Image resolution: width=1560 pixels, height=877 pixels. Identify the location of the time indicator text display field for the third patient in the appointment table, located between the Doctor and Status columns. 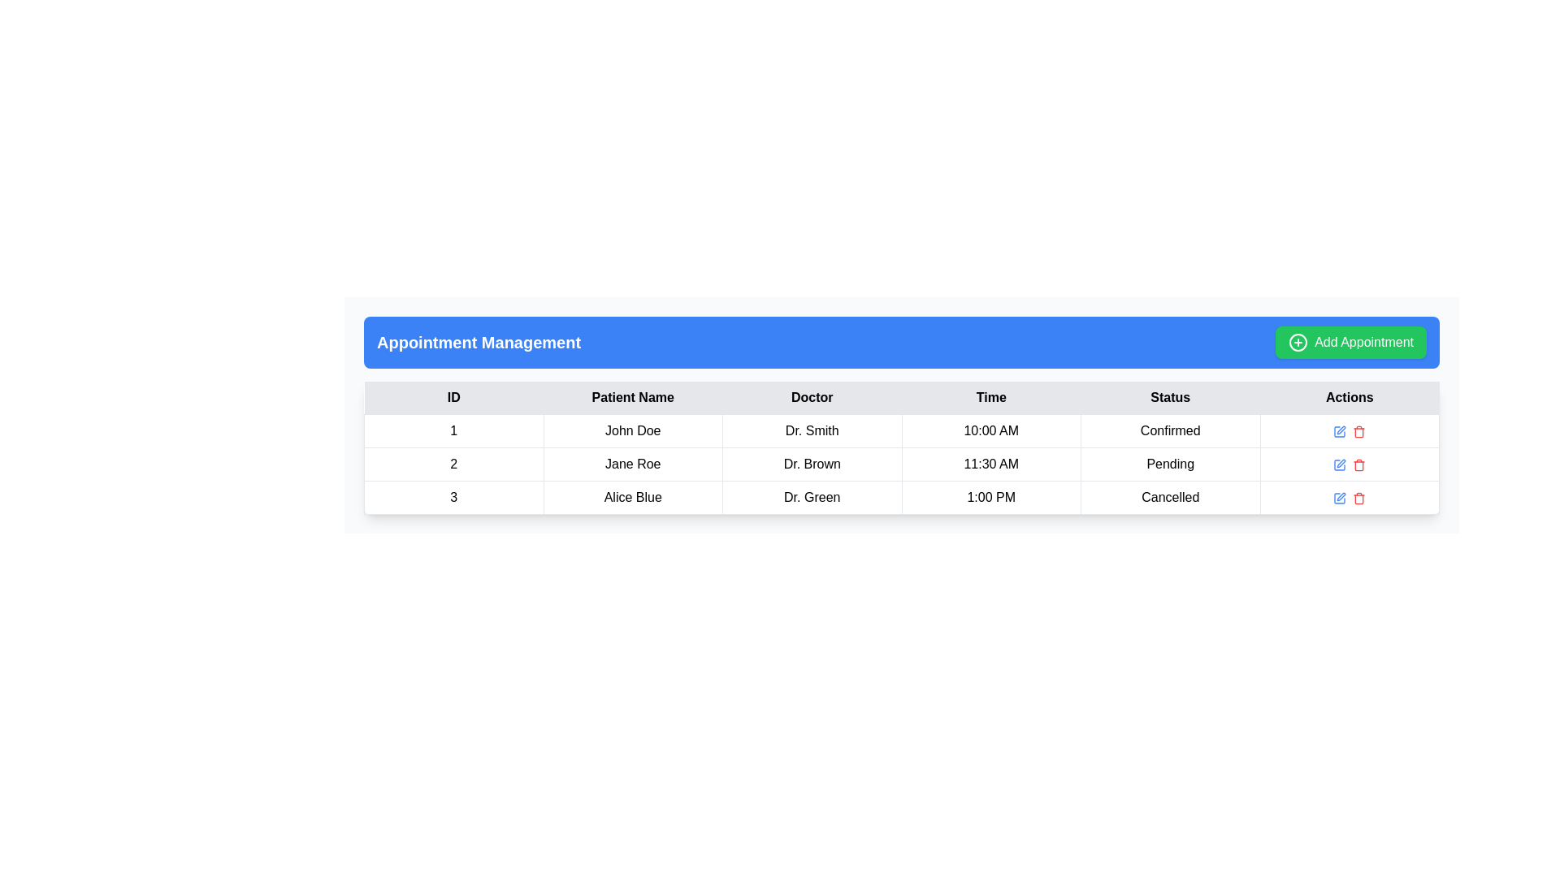
(990, 497).